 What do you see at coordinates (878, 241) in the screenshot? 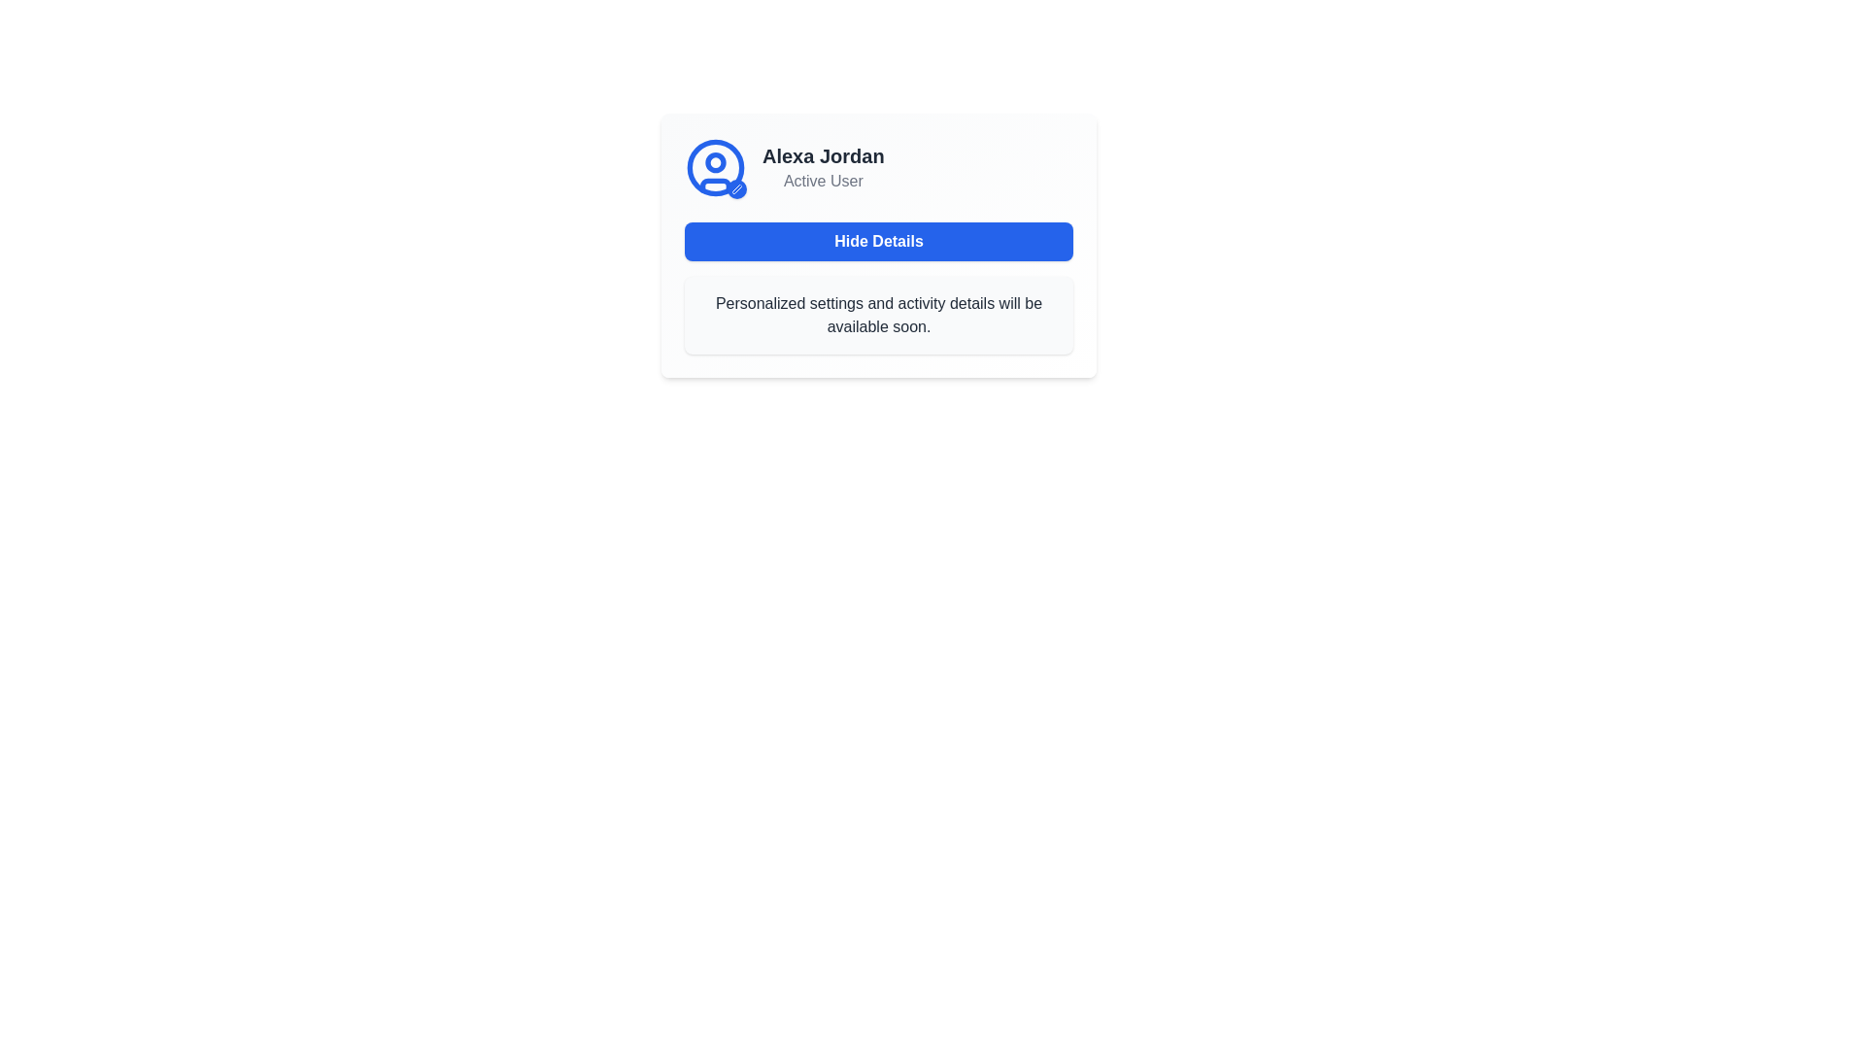
I see `the toggle button located below the user identification area of 'Alexa Jordan' to change its appearance` at bounding box center [878, 241].